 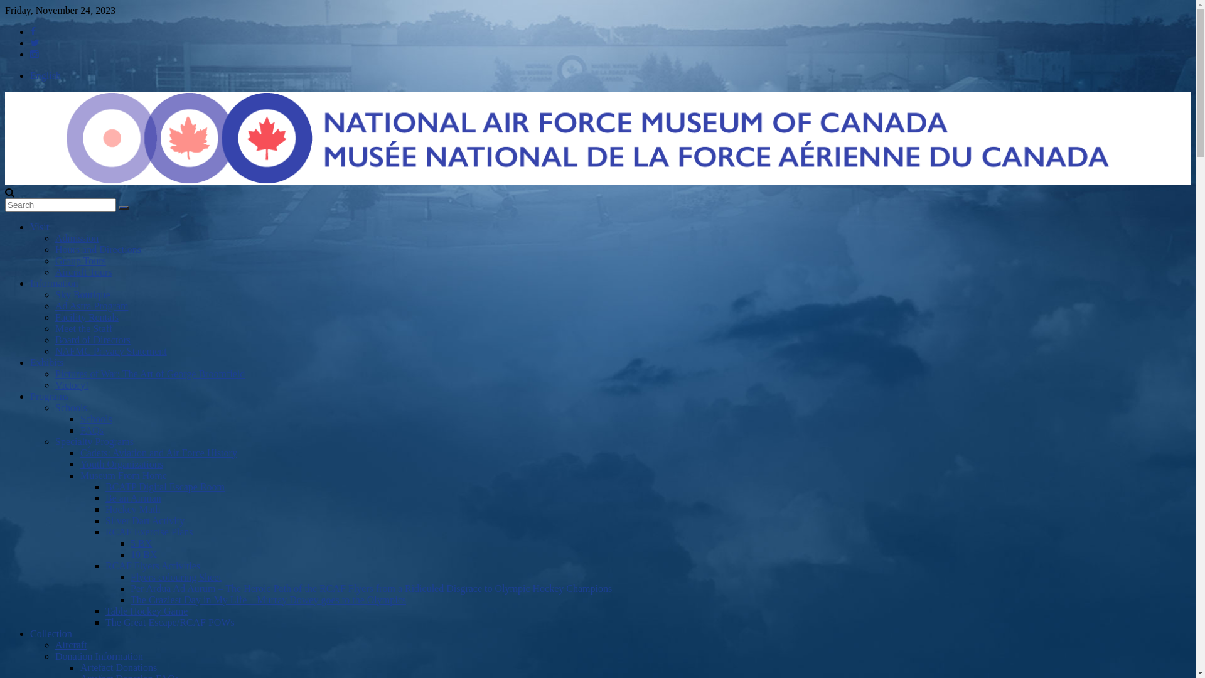 I want to click on '5 BX', so click(x=141, y=542).